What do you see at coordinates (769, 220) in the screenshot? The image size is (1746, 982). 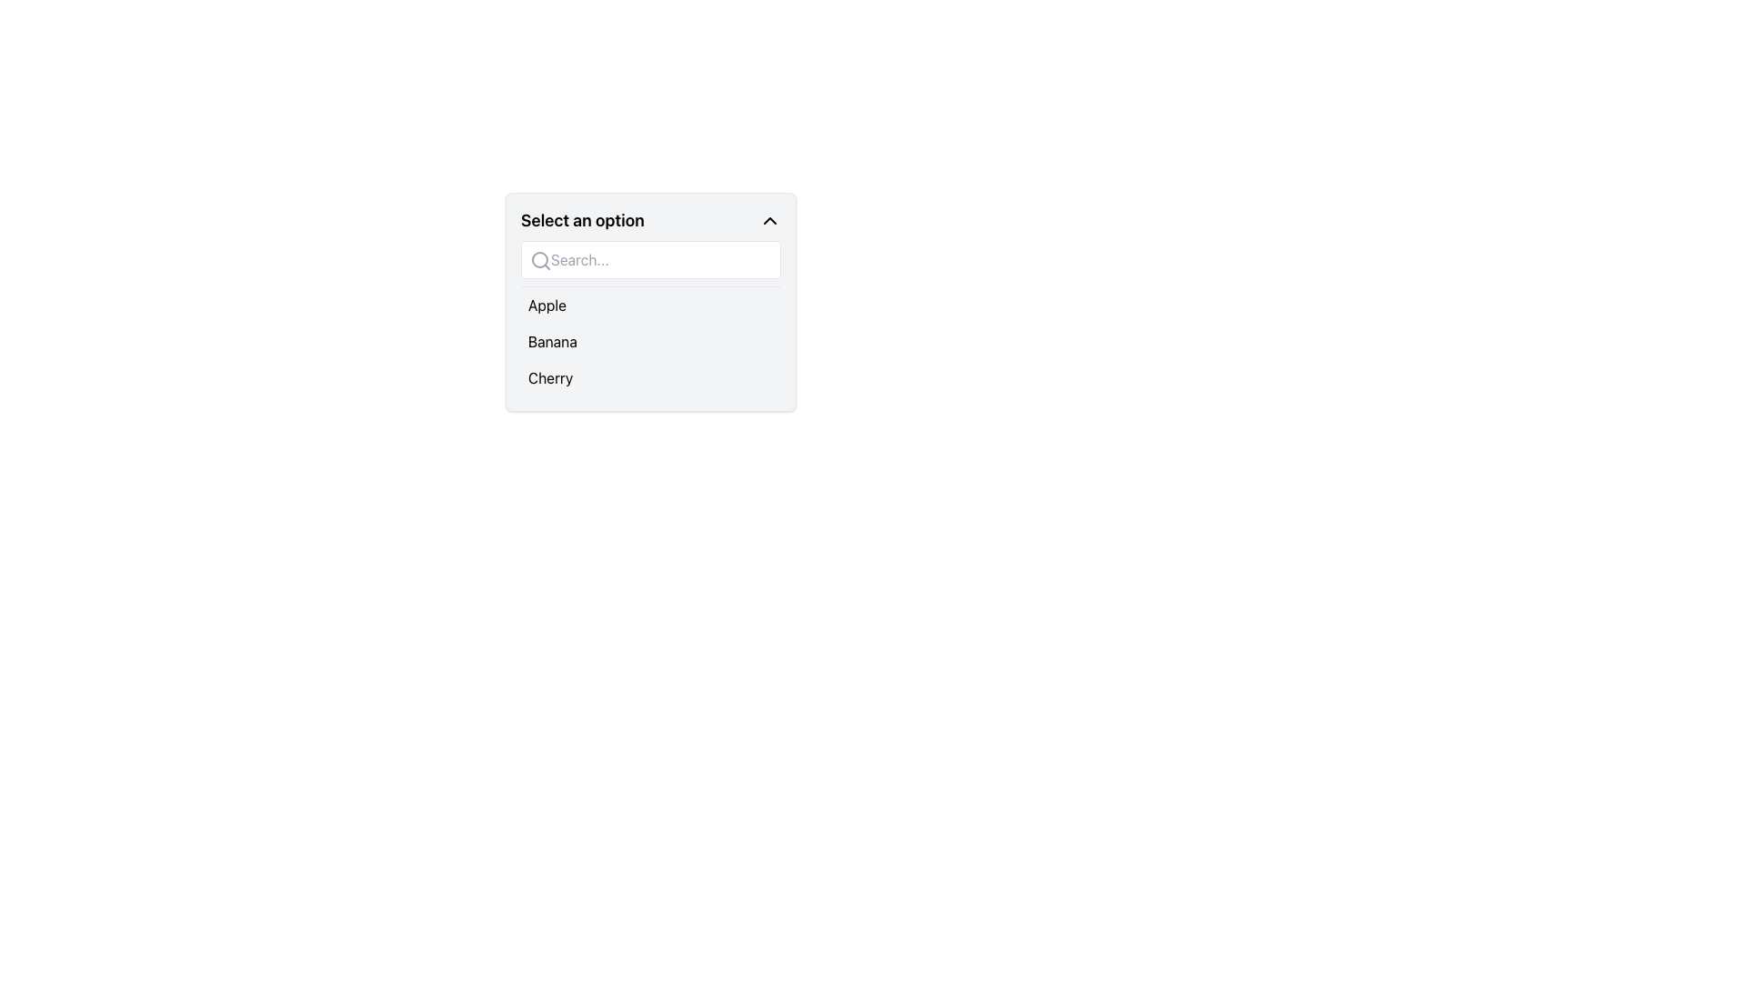 I see `the toggle icon located at the far right of the dropdown header` at bounding box center [769, 220].